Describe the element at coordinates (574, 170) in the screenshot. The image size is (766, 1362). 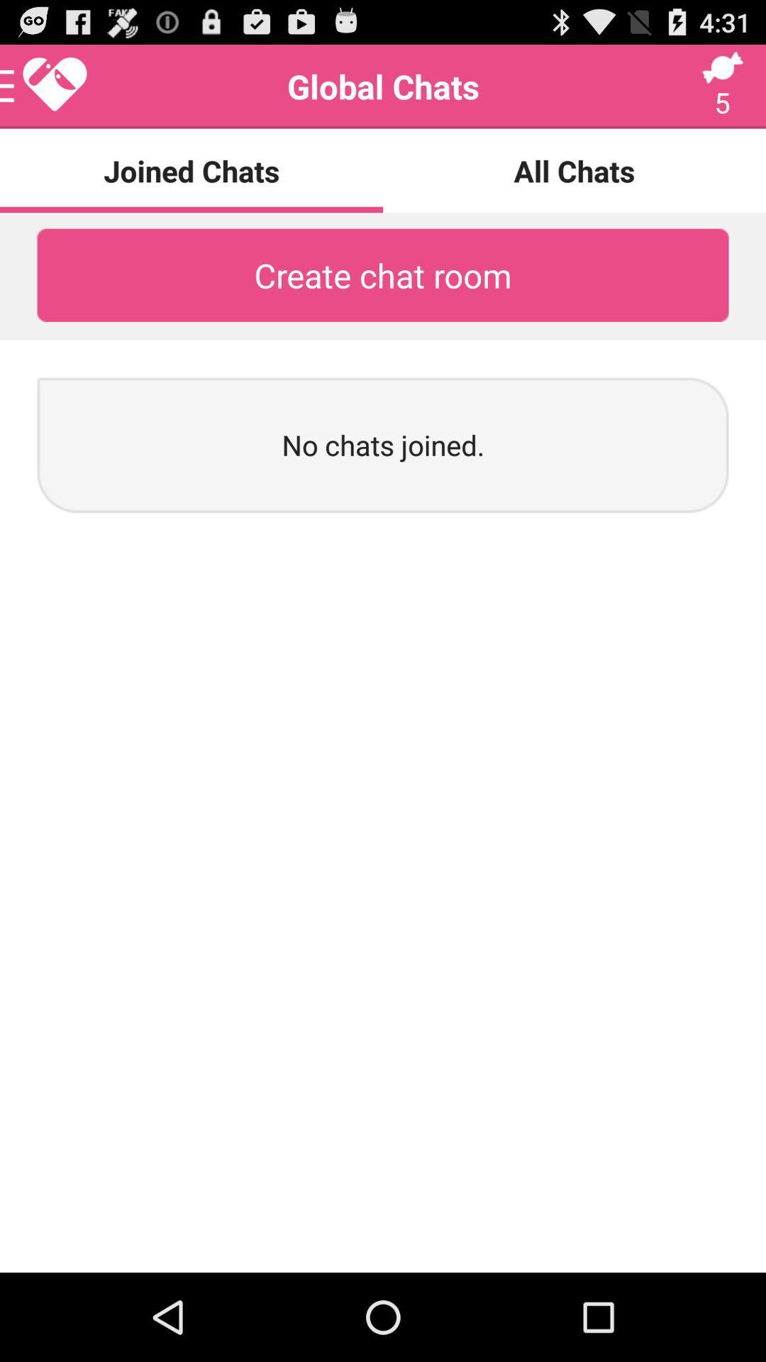
I see `item to the right of the joined chats icon` at that location.